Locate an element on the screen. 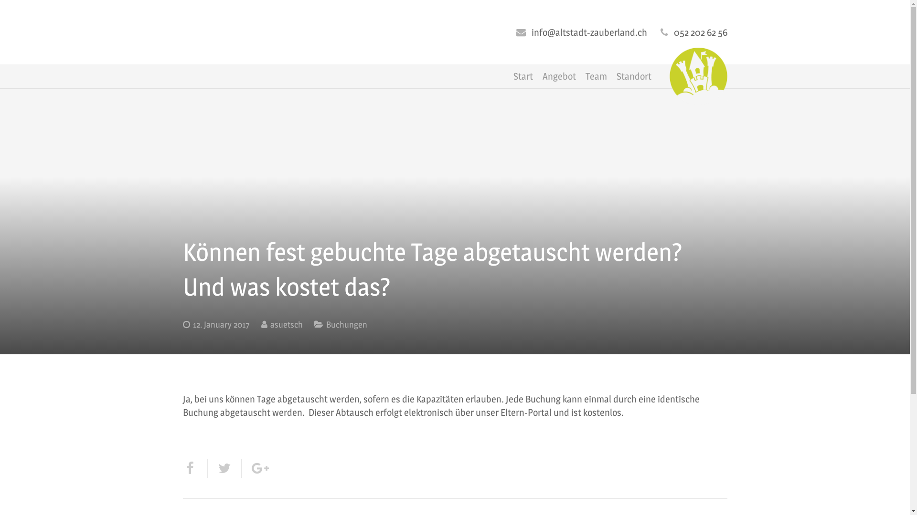  'Tweet this' is located at coordinates (206, 468).